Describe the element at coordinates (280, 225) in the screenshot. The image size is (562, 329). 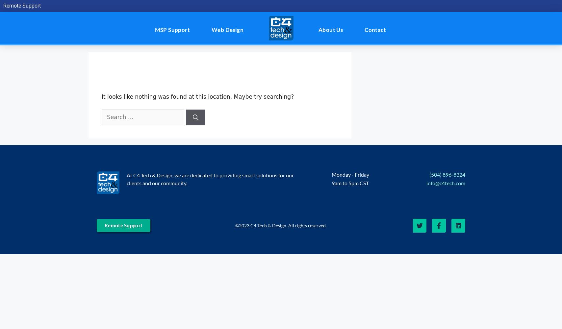
I see `'©2023 C4 Tech & Design. All rights reserved.'` at that location.